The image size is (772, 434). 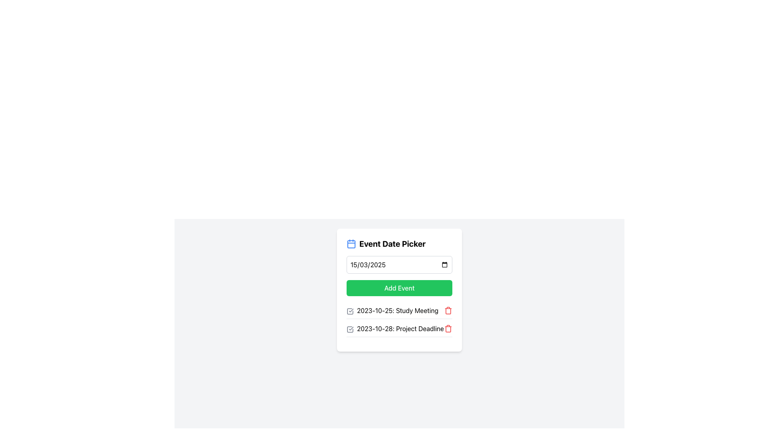 I want to click on the text label displaying the date '2023-10-25' and the event name 'Study Meeting', which is the first item in the event list area, positioned just below the 'Add Event' button, so click(x=399, y=312).